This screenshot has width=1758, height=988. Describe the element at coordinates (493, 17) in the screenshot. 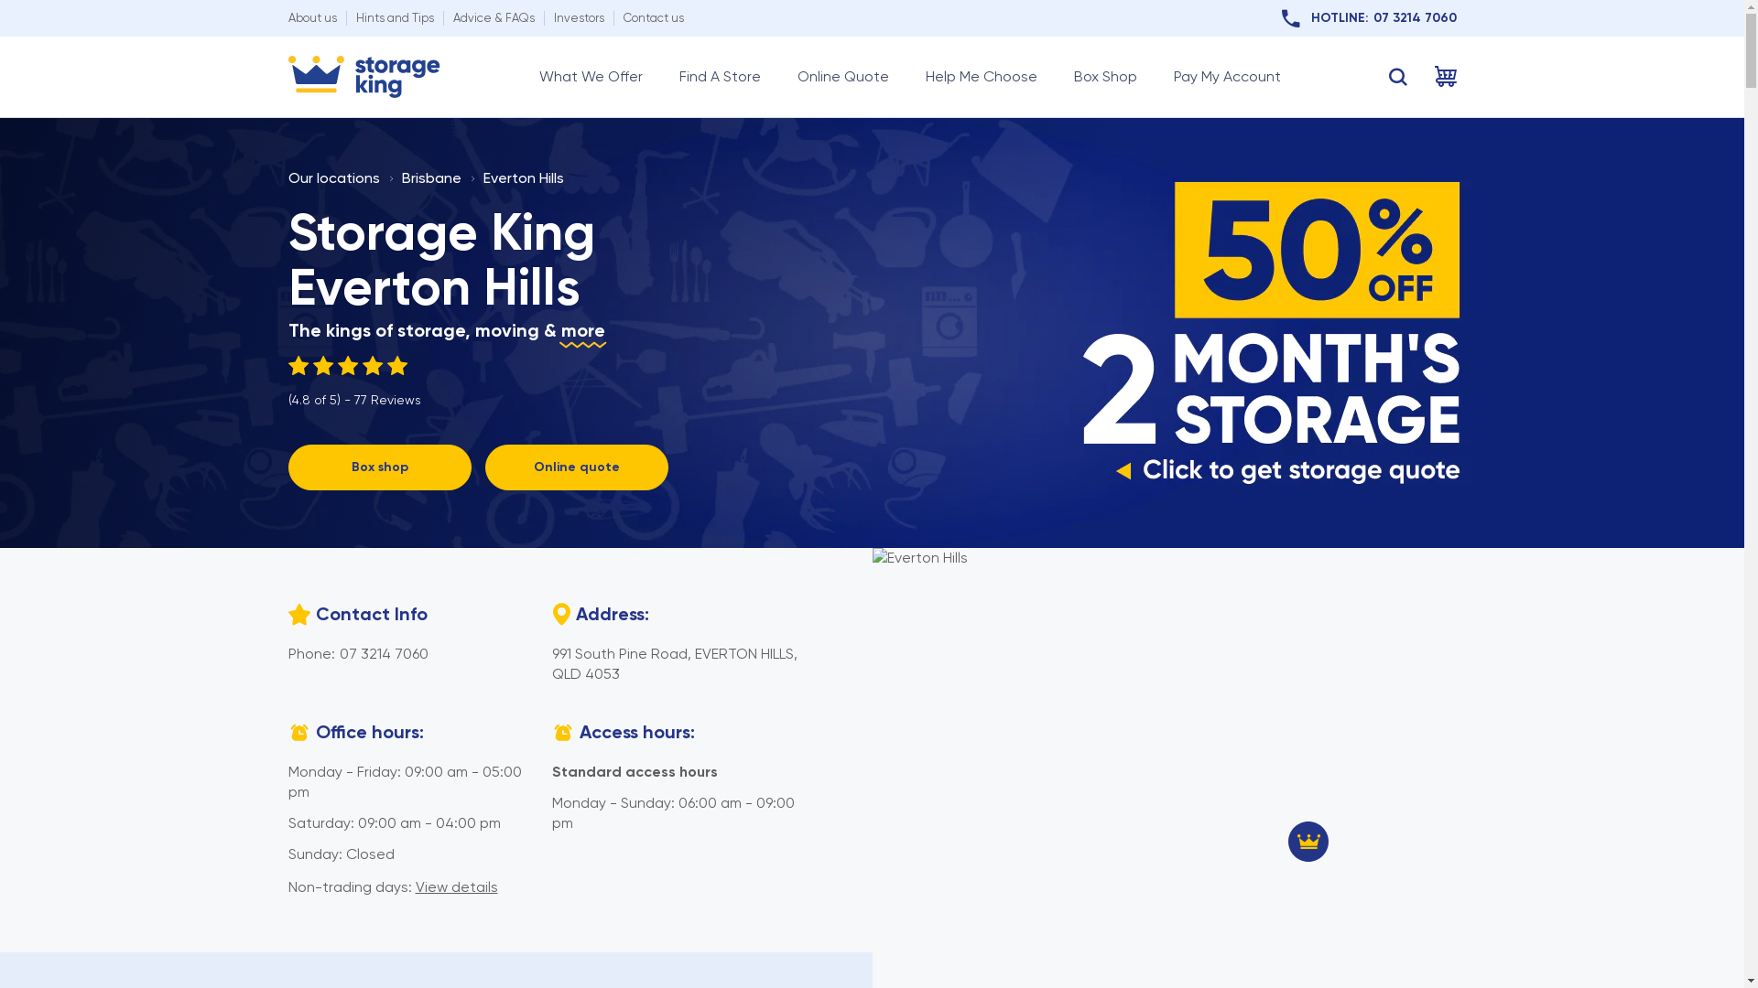

I see `'Advice & FAQs'` at that location.